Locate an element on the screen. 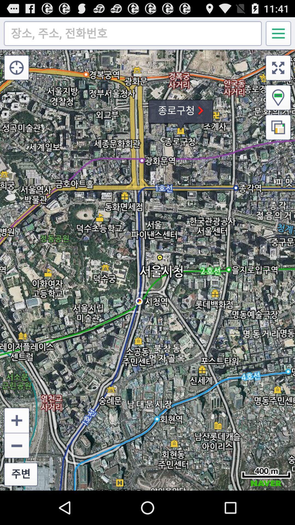 The height and width of the screenshot is (525, 295). the fullscreen icon is located at coordinates (278, 72).